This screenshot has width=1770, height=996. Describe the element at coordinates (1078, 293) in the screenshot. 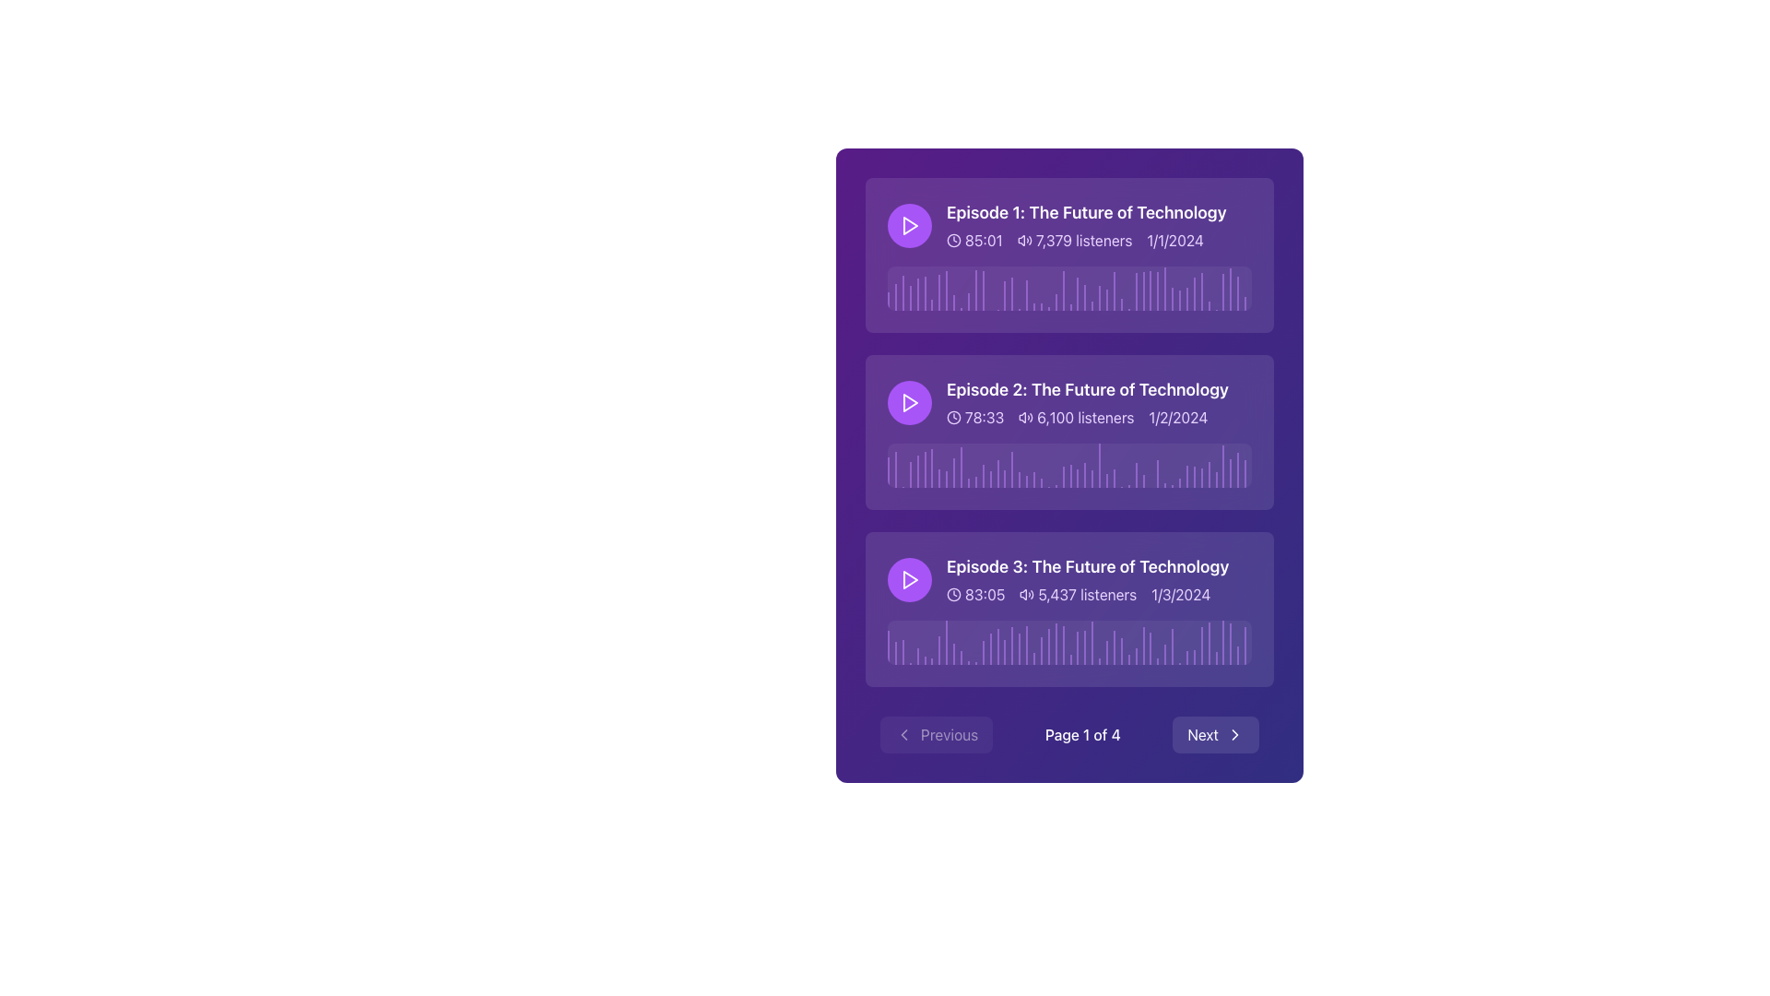

I see `the visual indicator for the current playback position within the waveform display area under 'Episode 1: The Future of Technology'` at that location.